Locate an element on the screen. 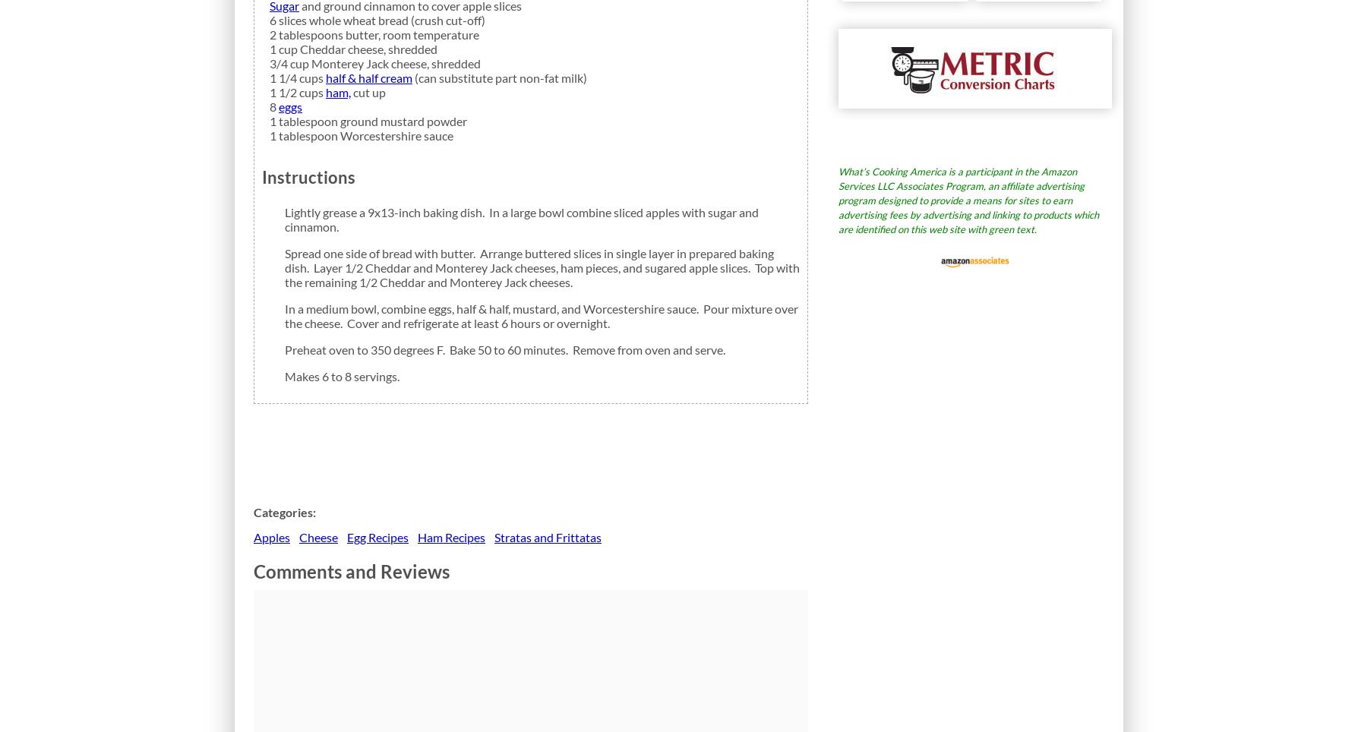 The image size is (1358, 732). 'In a medium bowl, combine eggs, half & half, mustard, and Worcestershire sauce.  Pour mixture over the cheese.  Cover and refrigerate at least 6 hours or overnight.' is located at coordinates (541, 314).